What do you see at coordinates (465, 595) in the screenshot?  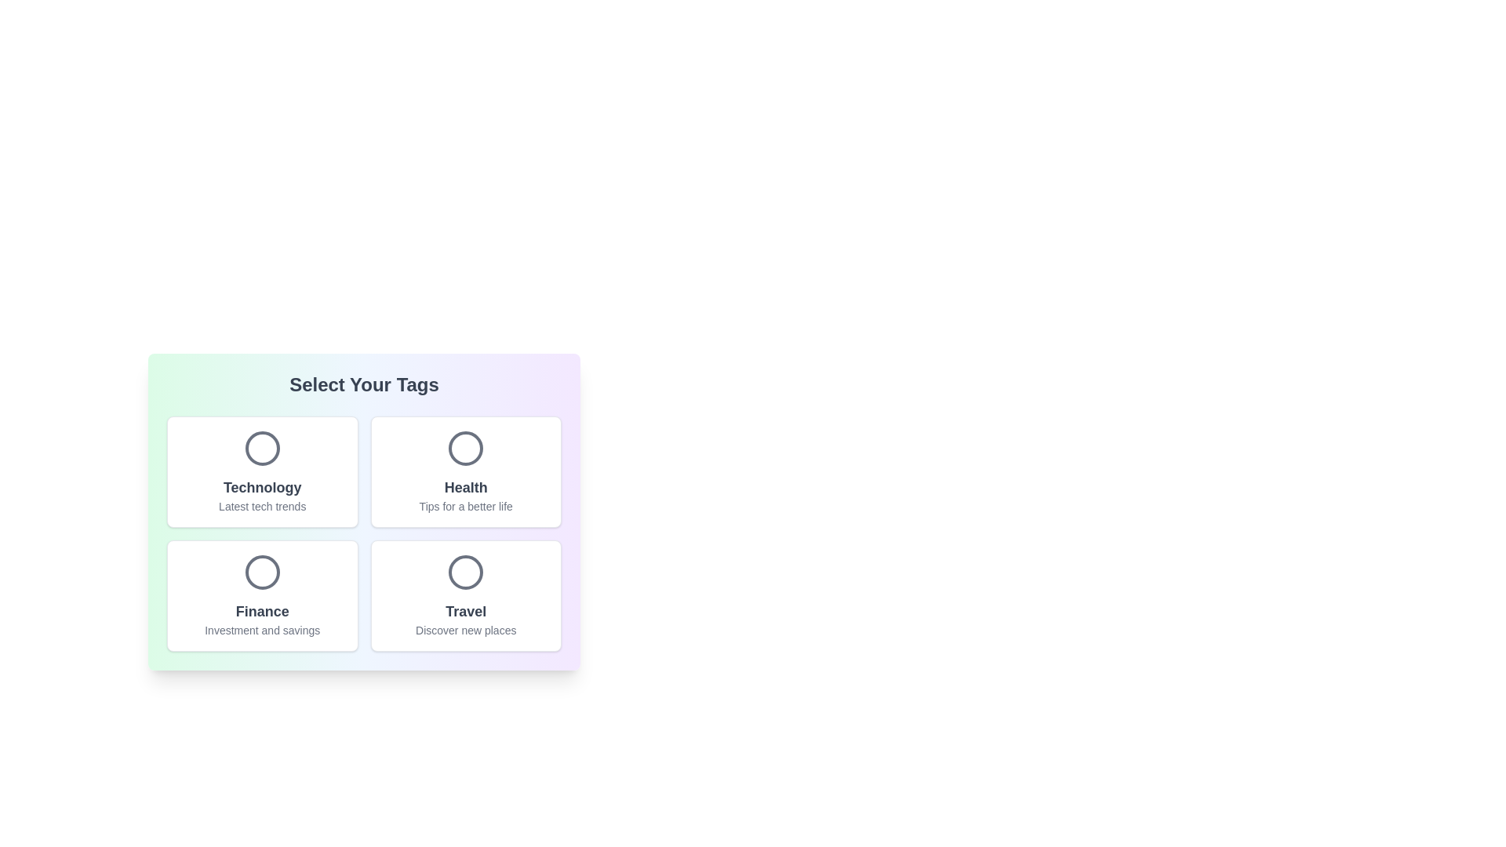 I see `the tag card labeled Travel to toggle its selection` at bounding box center [465, 595].